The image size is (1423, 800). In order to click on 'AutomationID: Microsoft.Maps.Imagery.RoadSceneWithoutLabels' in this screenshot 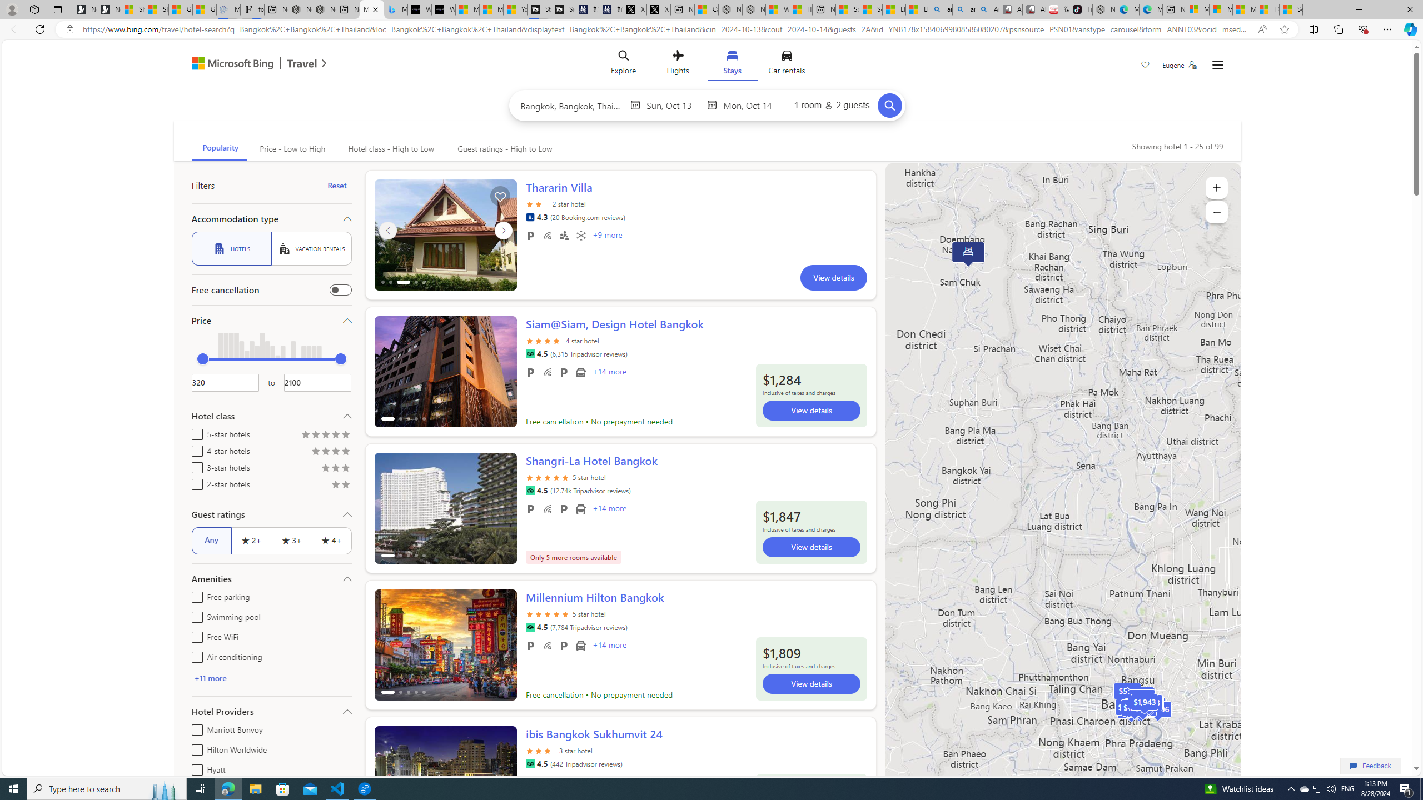, I will do `click(1062, 489)`.